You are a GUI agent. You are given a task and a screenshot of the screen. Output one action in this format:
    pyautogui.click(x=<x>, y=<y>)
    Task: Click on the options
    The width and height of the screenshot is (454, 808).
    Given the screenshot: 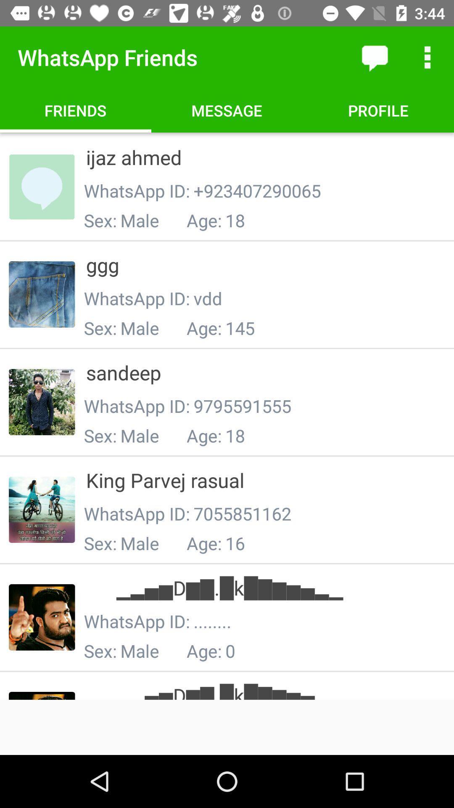 What is the action you would take?
    pyautogui.click(x=428, y=57)
    